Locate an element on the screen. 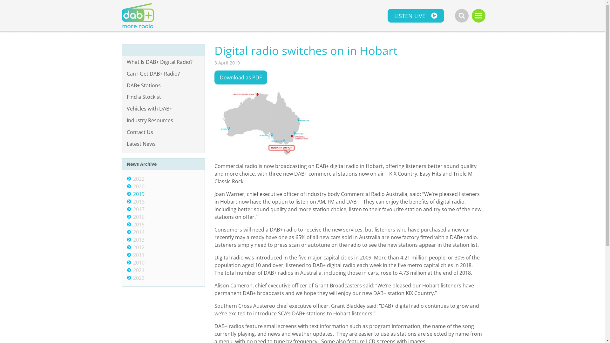 Image resolution: width=610 pixels, height=343 pixels. 'Download as PDF' is located at coordinates (241, 77).